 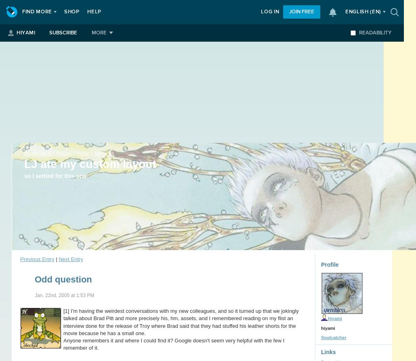 What do you see at coordinates (56, 259) in the screenshot?
I see `'|'` at bounding box center [56, 259].